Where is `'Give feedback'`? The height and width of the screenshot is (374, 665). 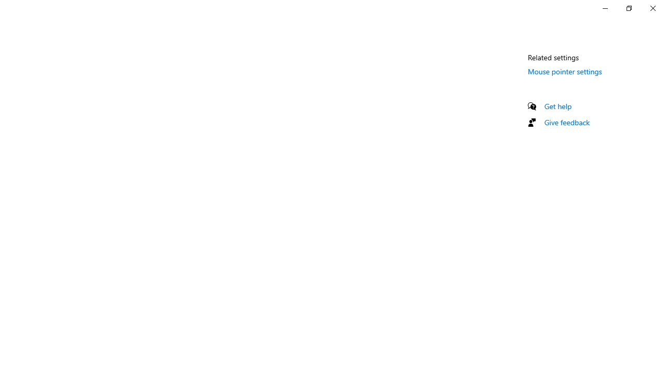
'Give feedback' is located at coordinates (566, 122).